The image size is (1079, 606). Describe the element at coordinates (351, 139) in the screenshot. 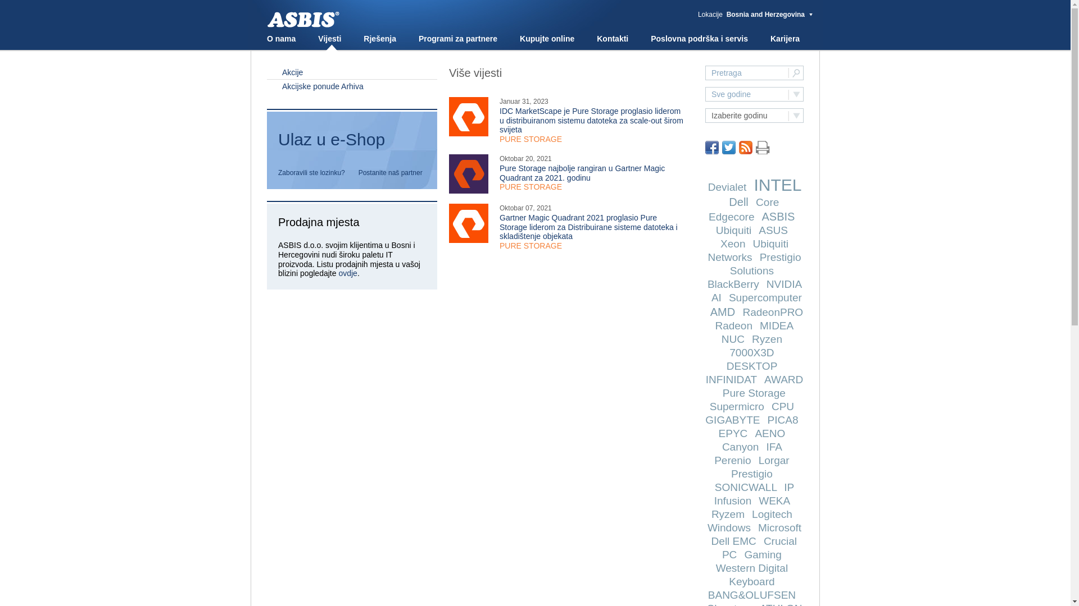

I see `'Ulaz u e-Shop'` at that location.